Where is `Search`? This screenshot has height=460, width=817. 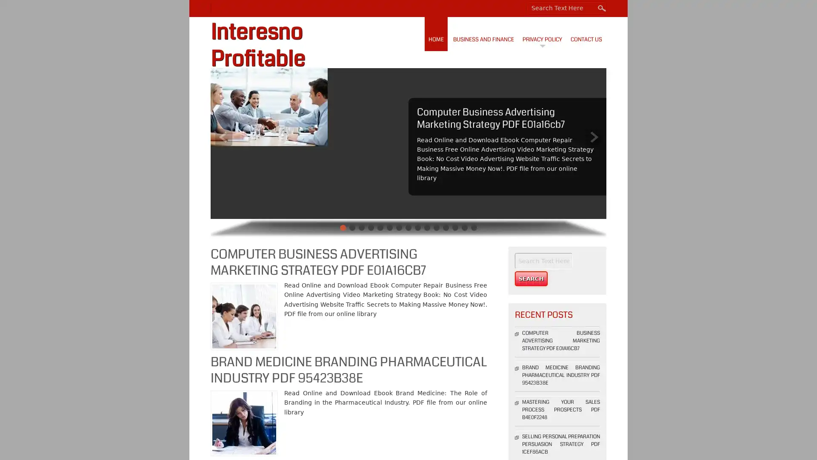 Search is located at coordinates (531, 279).